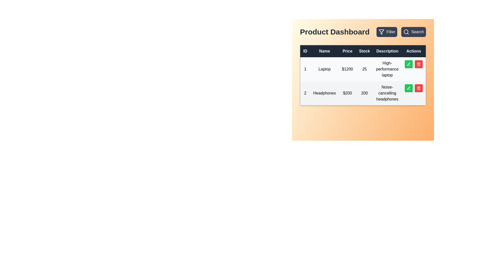 The height and width of the screenshot is (270, 480). Describe the element at coordinates (363, 32) in the screenshot. I see `the header text 'Product Dashboard' in the Composite UI component to get detailed information` at that location.